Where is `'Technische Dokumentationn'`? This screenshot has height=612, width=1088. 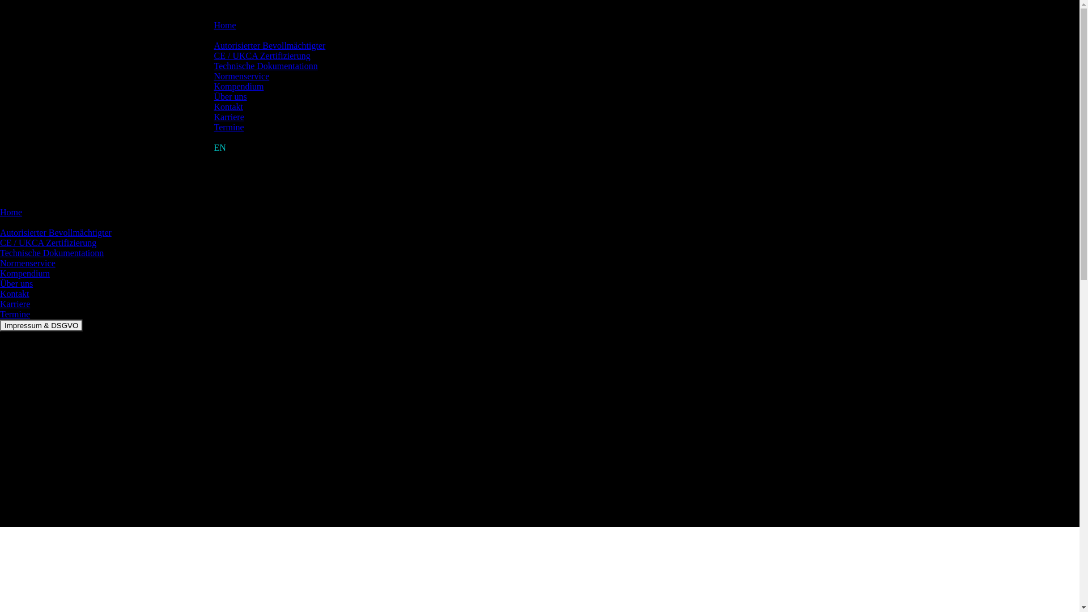
'Technische Dokumentationn' is located at coordinates (265, 66).